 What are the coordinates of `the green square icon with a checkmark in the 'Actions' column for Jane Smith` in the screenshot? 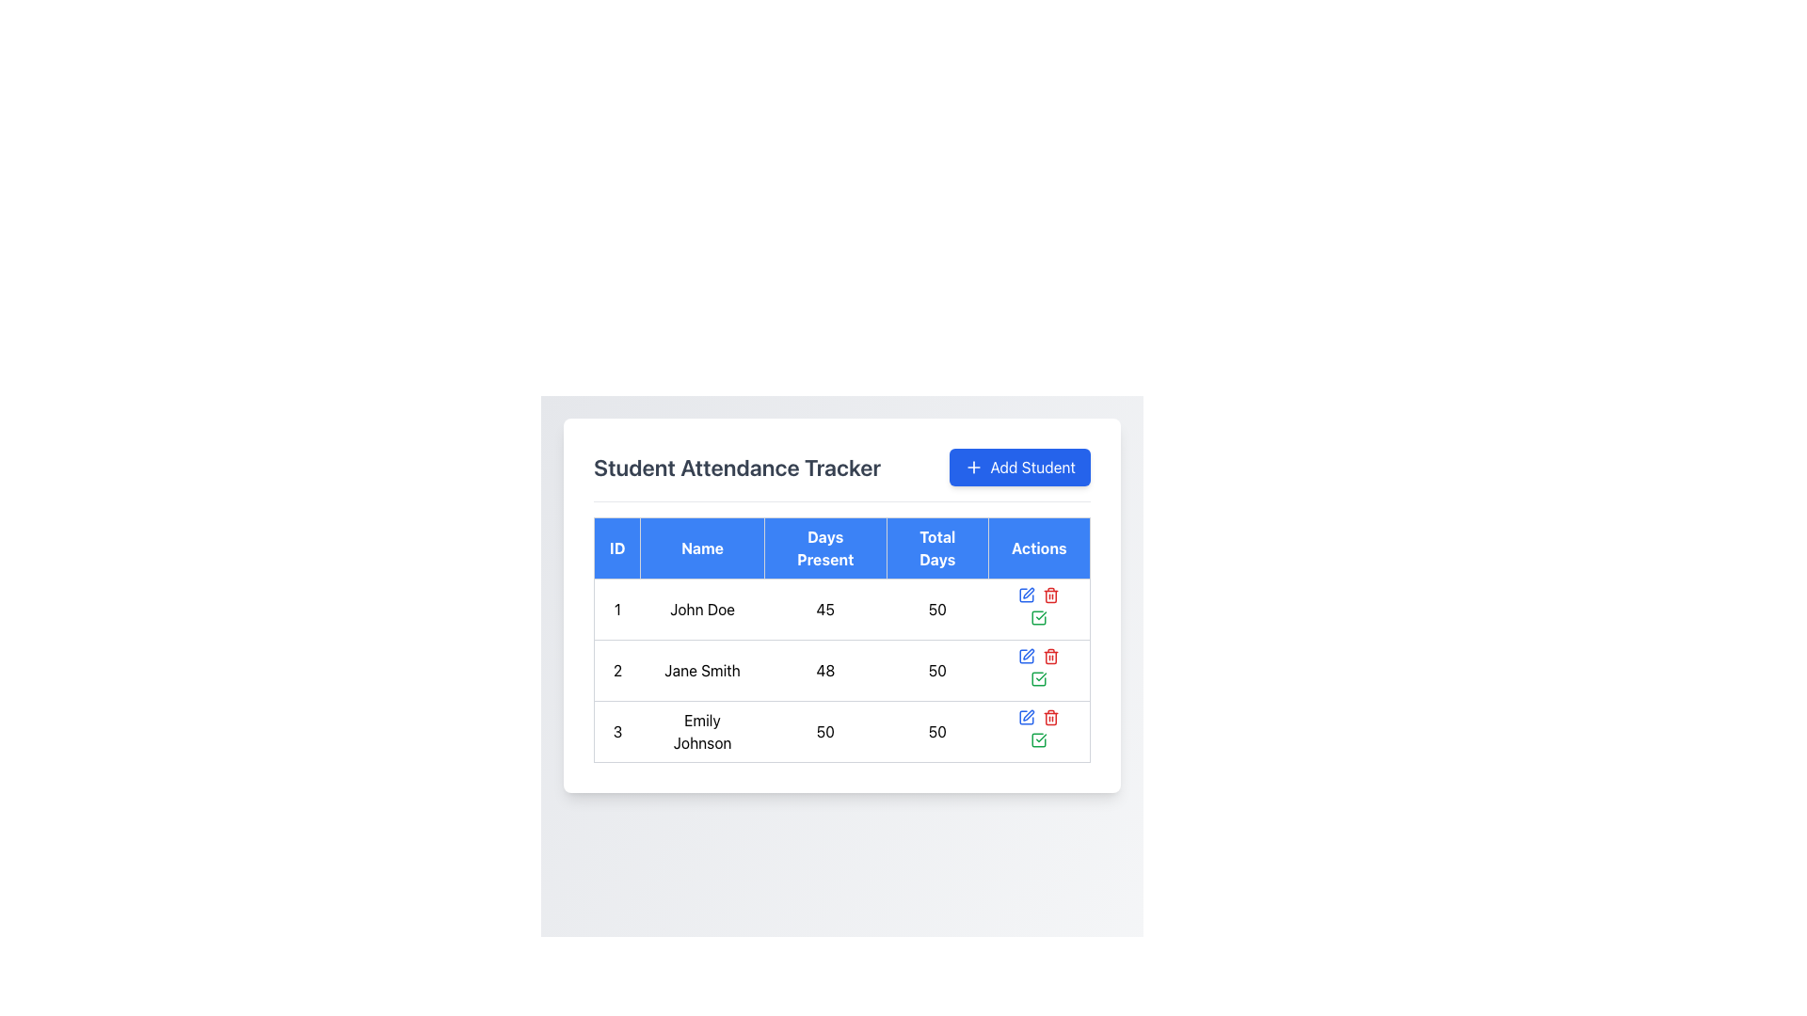 It's located at (1038, 678).